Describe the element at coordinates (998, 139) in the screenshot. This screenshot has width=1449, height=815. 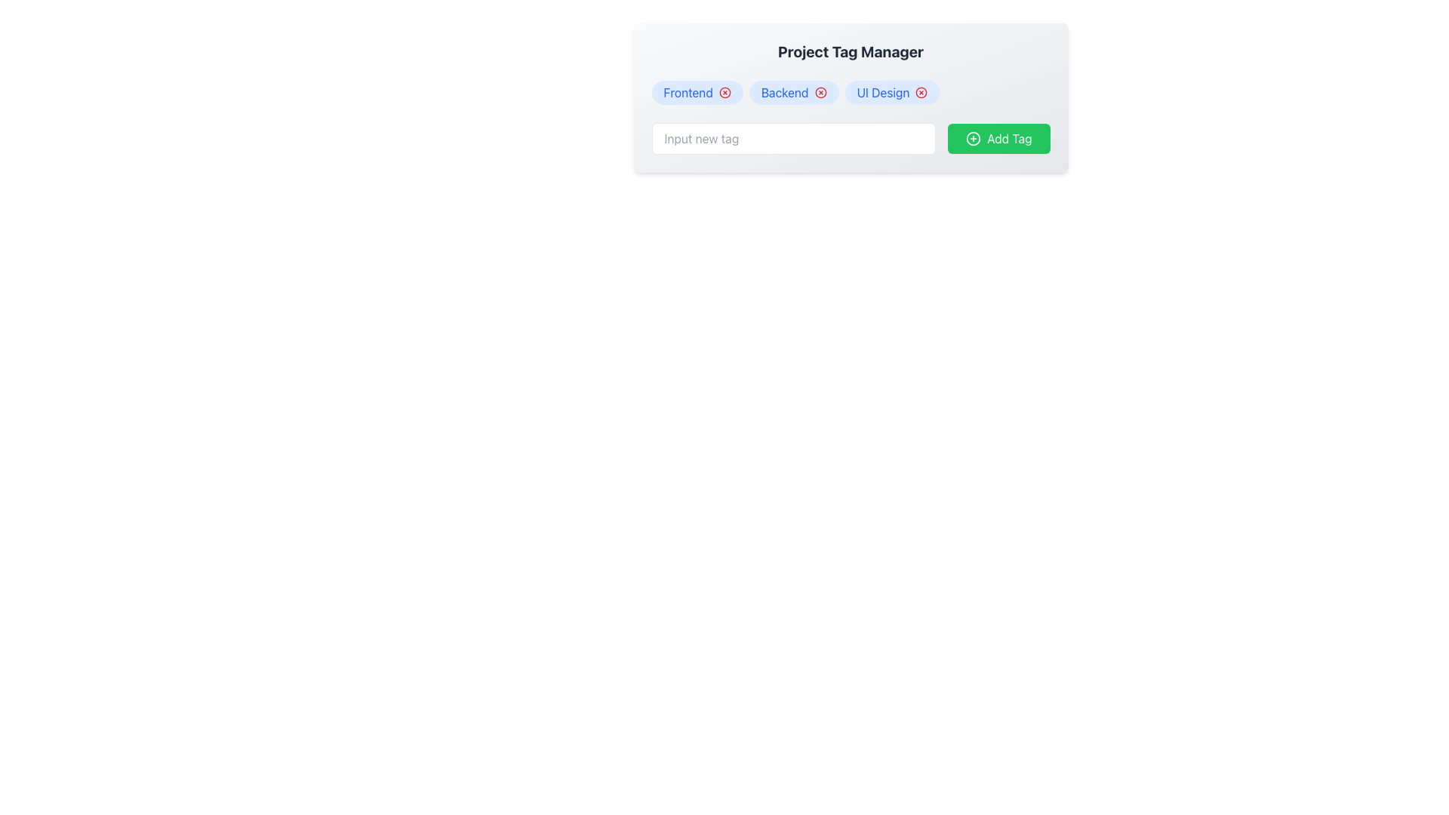
I see `the button located on the right side of the tag management interface to observe the hover effect` at that location.